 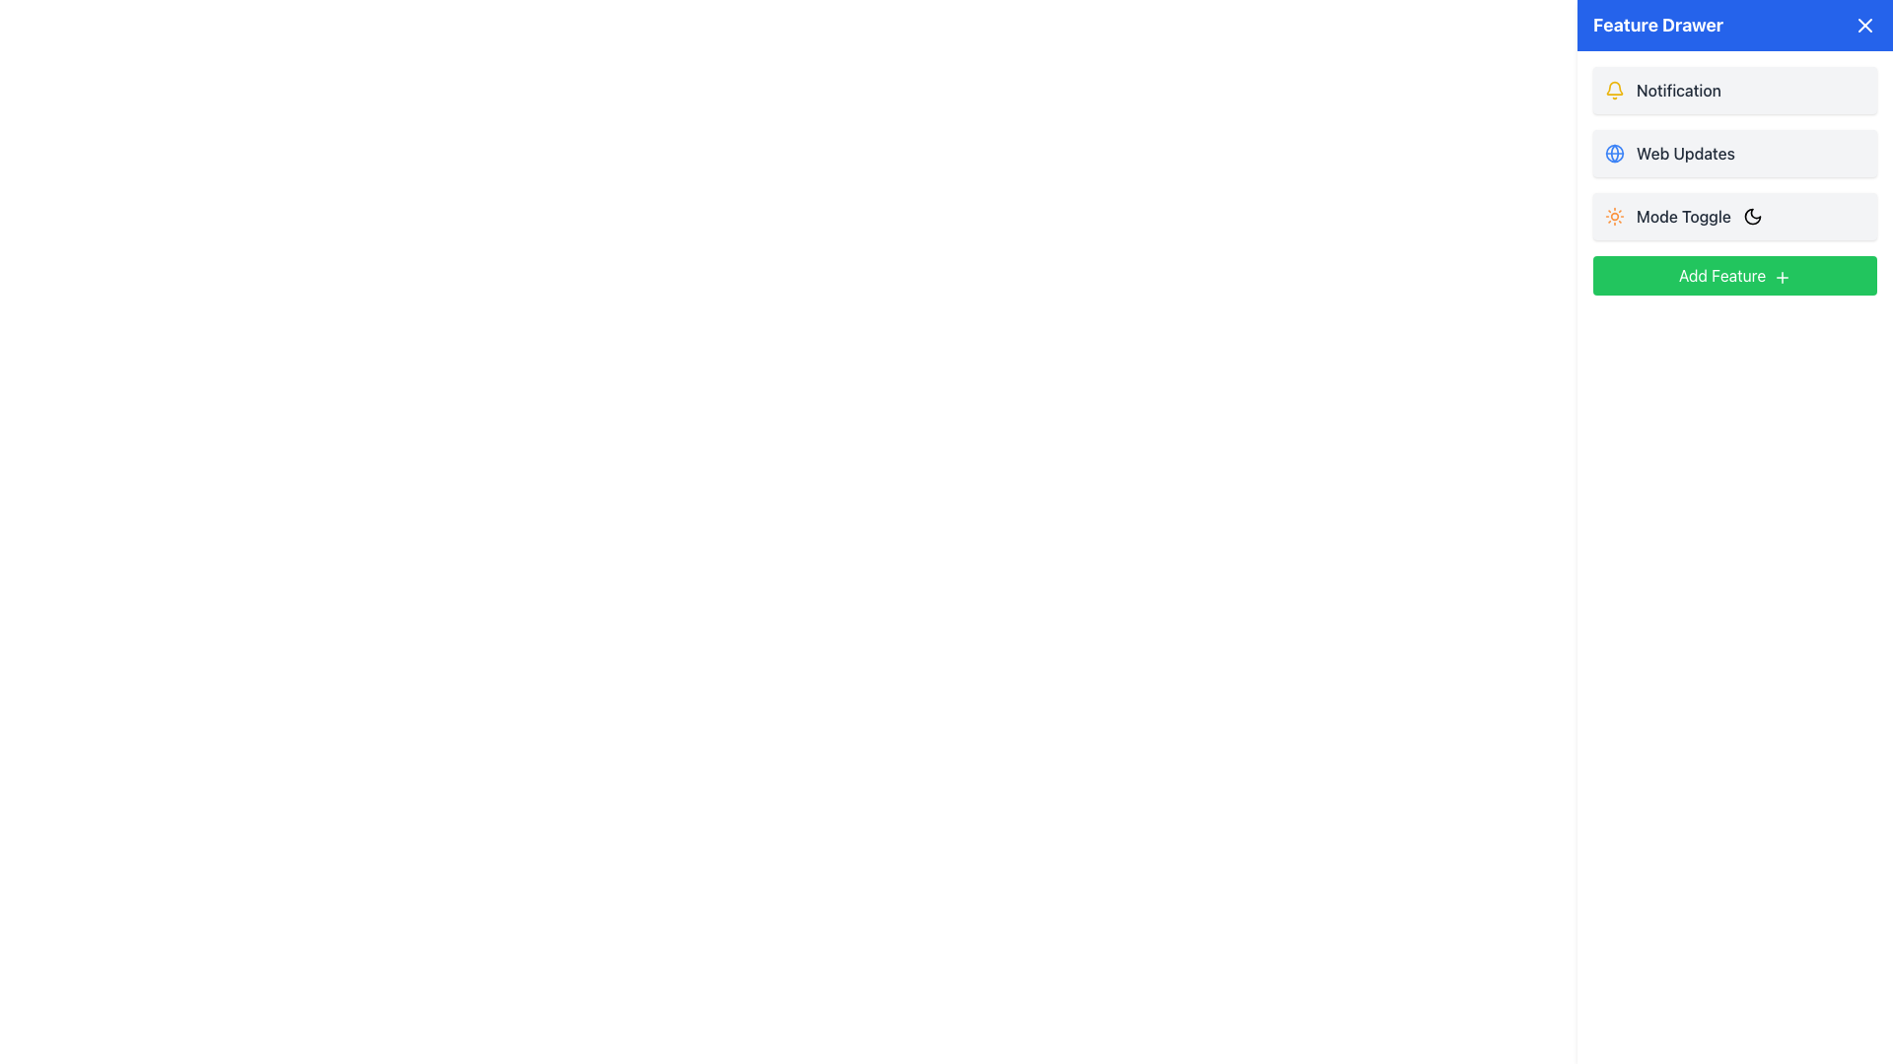 What do you see at coordinates (1614, 216) in the screenshot?
I see `the small orange sun icon in the 'Mode Toggle' control located in the right sidebar to prompt the tooltip` at bounding box center [1614, 216].